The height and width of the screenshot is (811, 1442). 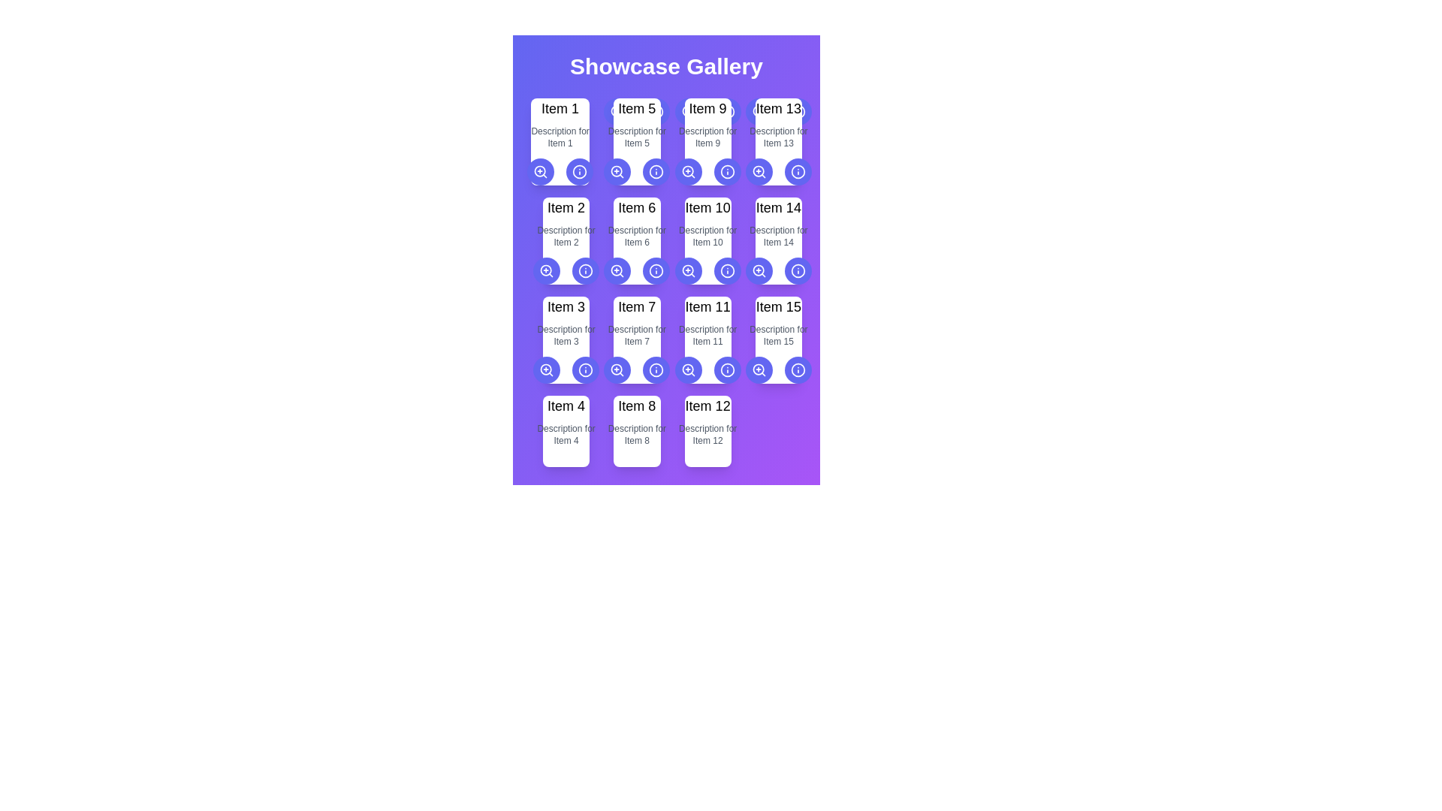 What do you see at coordinates (656, 370) in the screenshot?
I see `the SVG circle component with a blue outline located within the info icon for 'Item 11' in the grid layout` at bounding box center [656, 370].